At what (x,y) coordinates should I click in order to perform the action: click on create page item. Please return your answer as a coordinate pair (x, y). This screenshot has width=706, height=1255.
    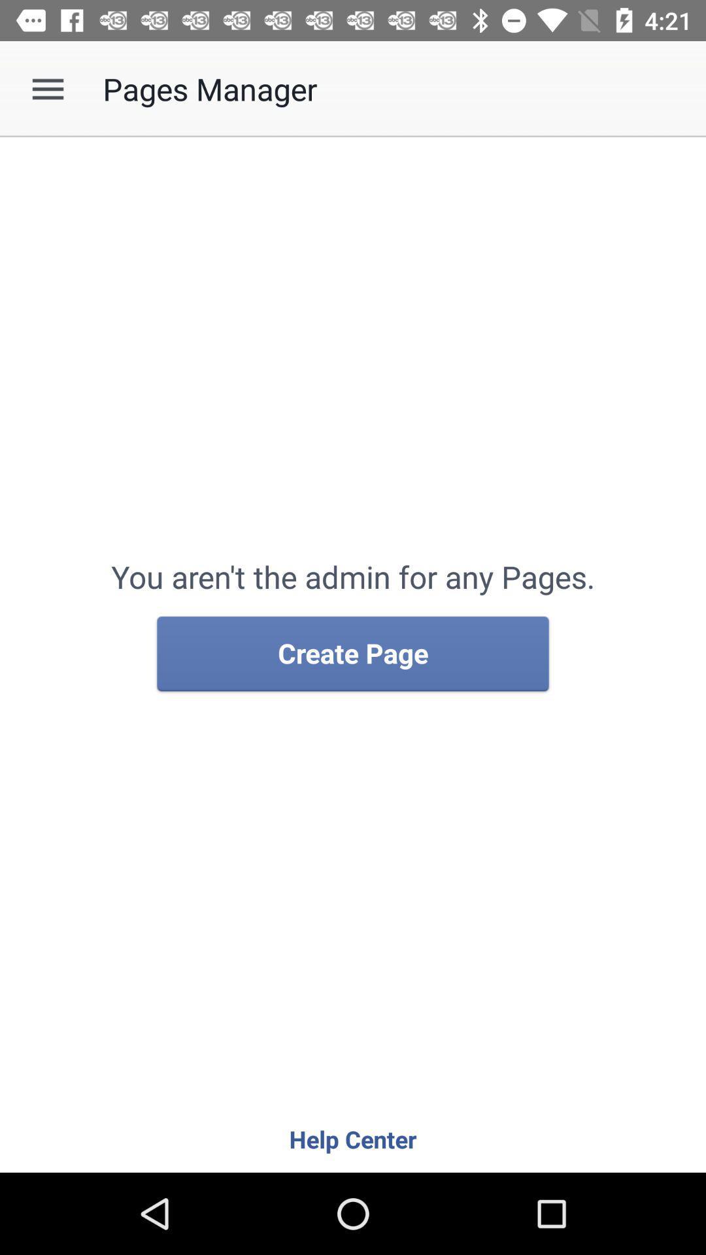
    Looking at the image, I should click on (353, 654).